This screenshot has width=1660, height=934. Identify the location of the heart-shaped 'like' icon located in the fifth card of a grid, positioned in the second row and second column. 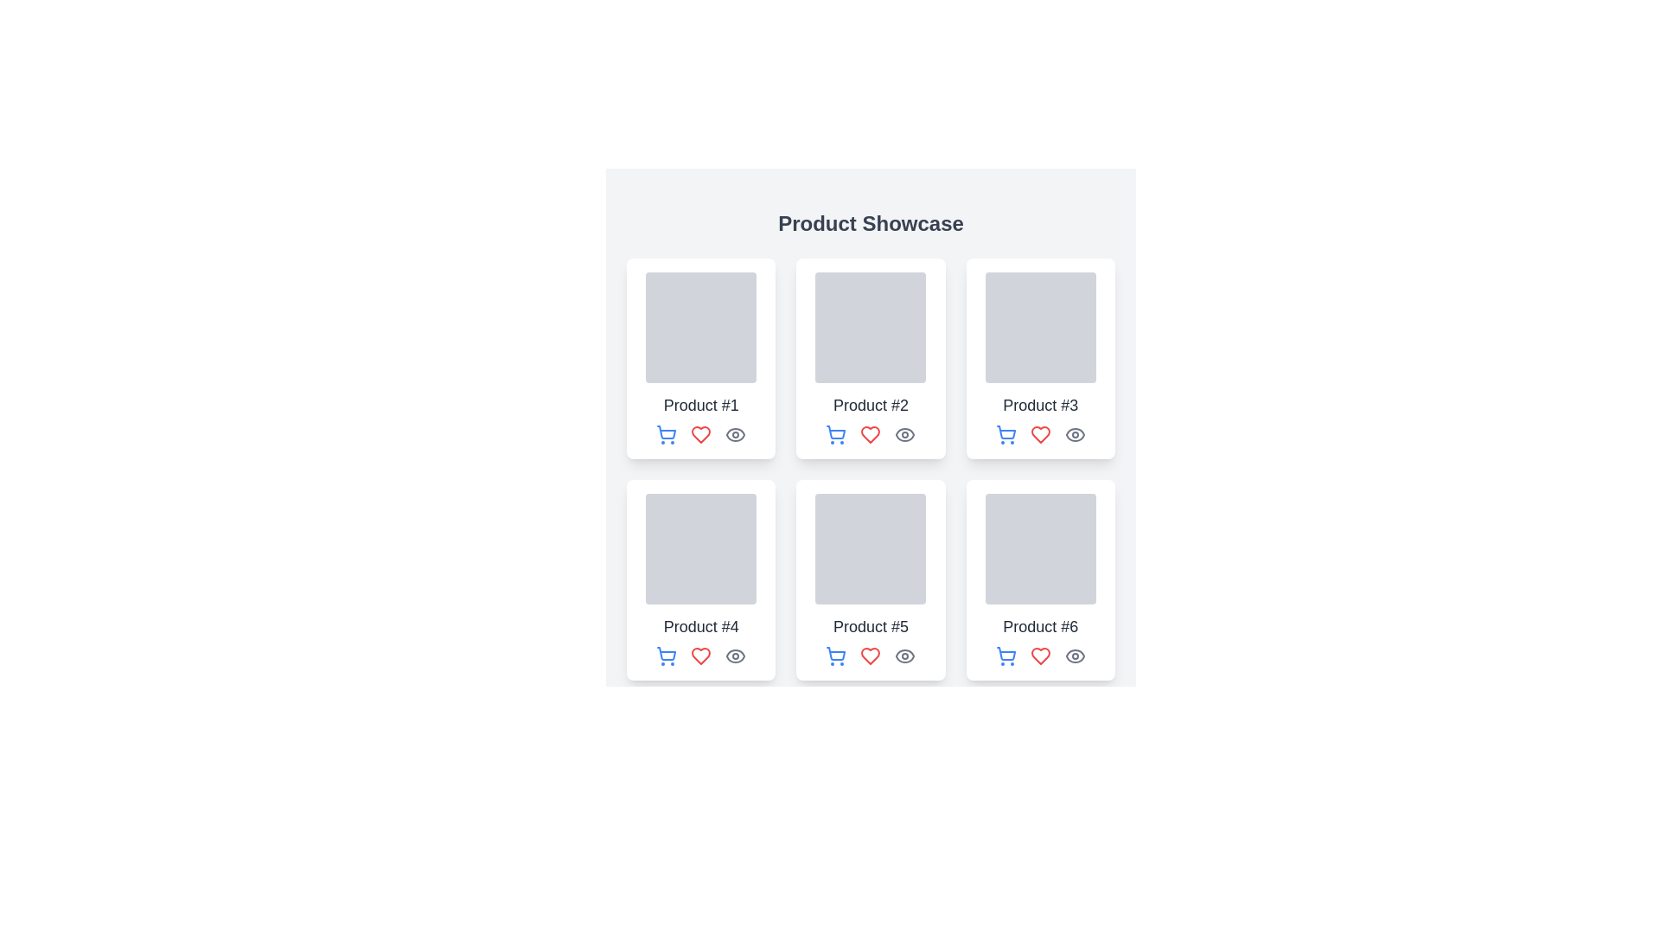
(871, 656).